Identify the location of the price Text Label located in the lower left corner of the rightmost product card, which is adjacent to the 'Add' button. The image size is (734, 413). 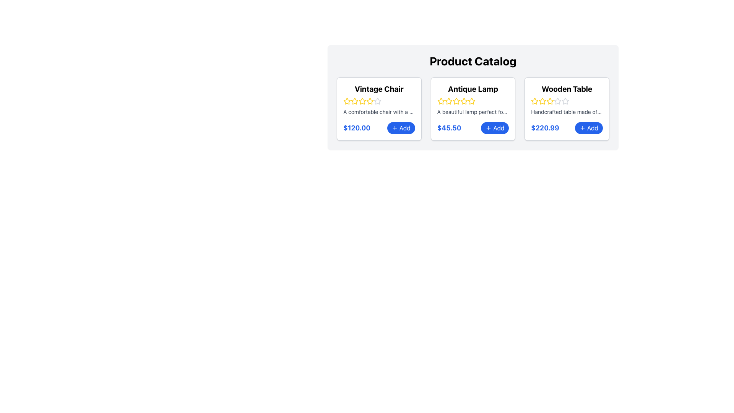
(544, 128).